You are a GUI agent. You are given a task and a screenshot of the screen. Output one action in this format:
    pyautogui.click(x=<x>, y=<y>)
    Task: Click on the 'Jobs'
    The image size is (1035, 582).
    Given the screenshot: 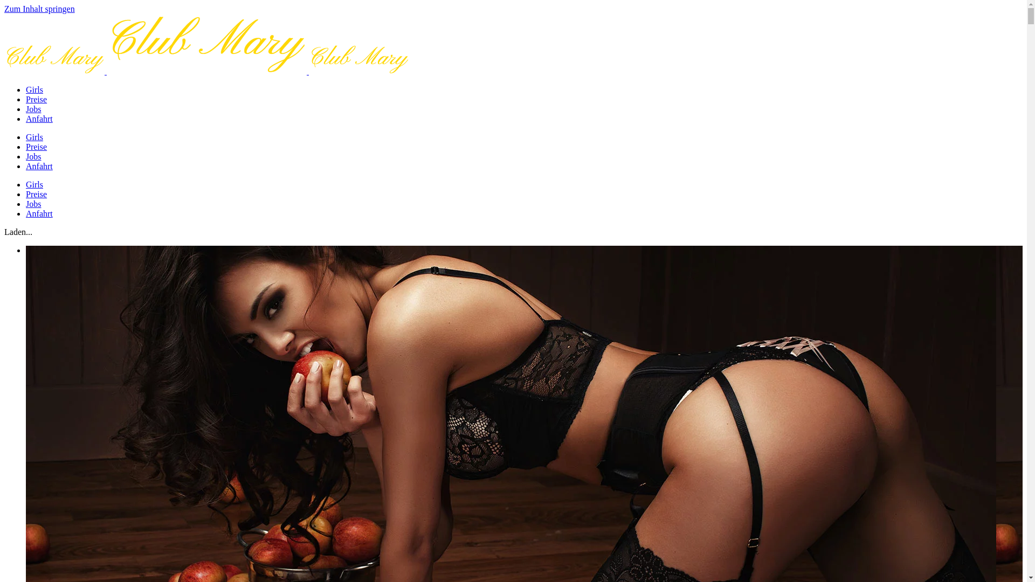 What is the action you would take?
    pyautogui.click(x=33, y=109)
    